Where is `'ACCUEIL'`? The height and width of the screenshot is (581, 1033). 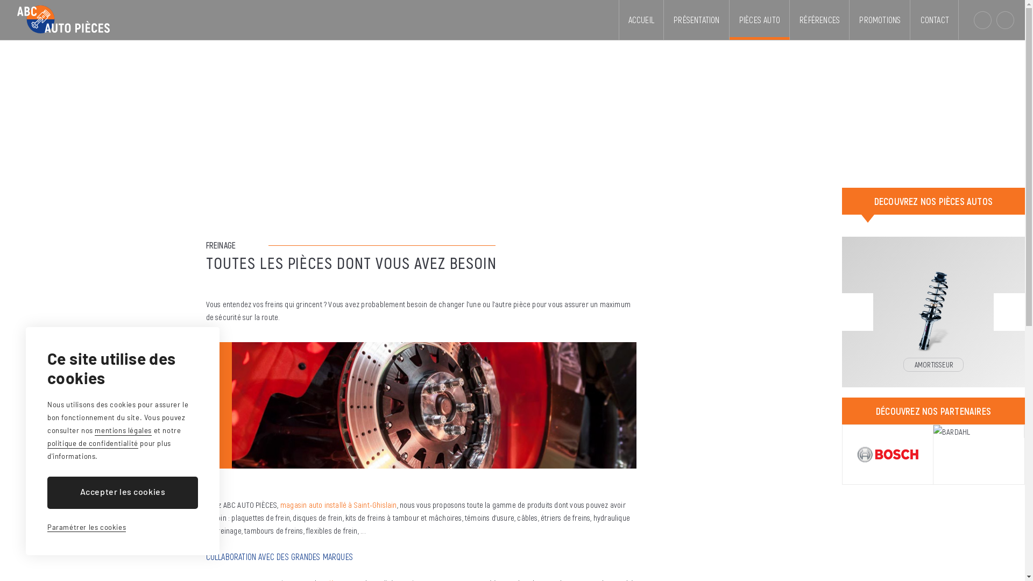
'ACCUEIL' is located at coordinates (641, 20).